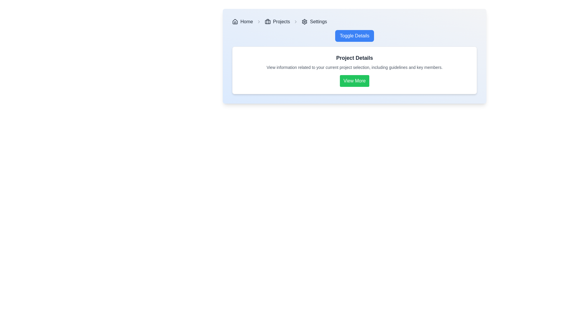 The width and height of the screenshot is (565, 318). Describe the element at coordinates (314, 21) in the screenshot. I see `the 'Settings' navigation link, which includes a gear icon` at that location.